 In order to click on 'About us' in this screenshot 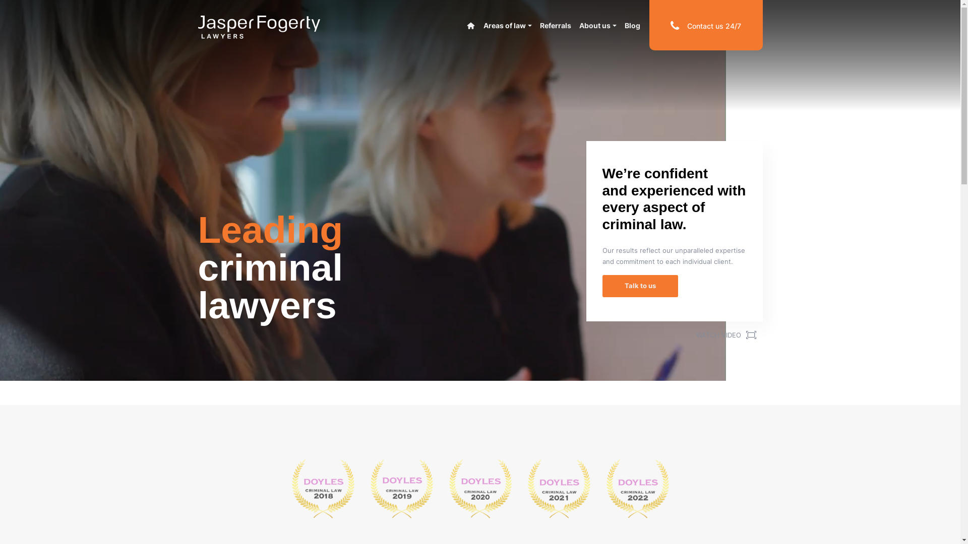, I will do `click(575, 25)`.